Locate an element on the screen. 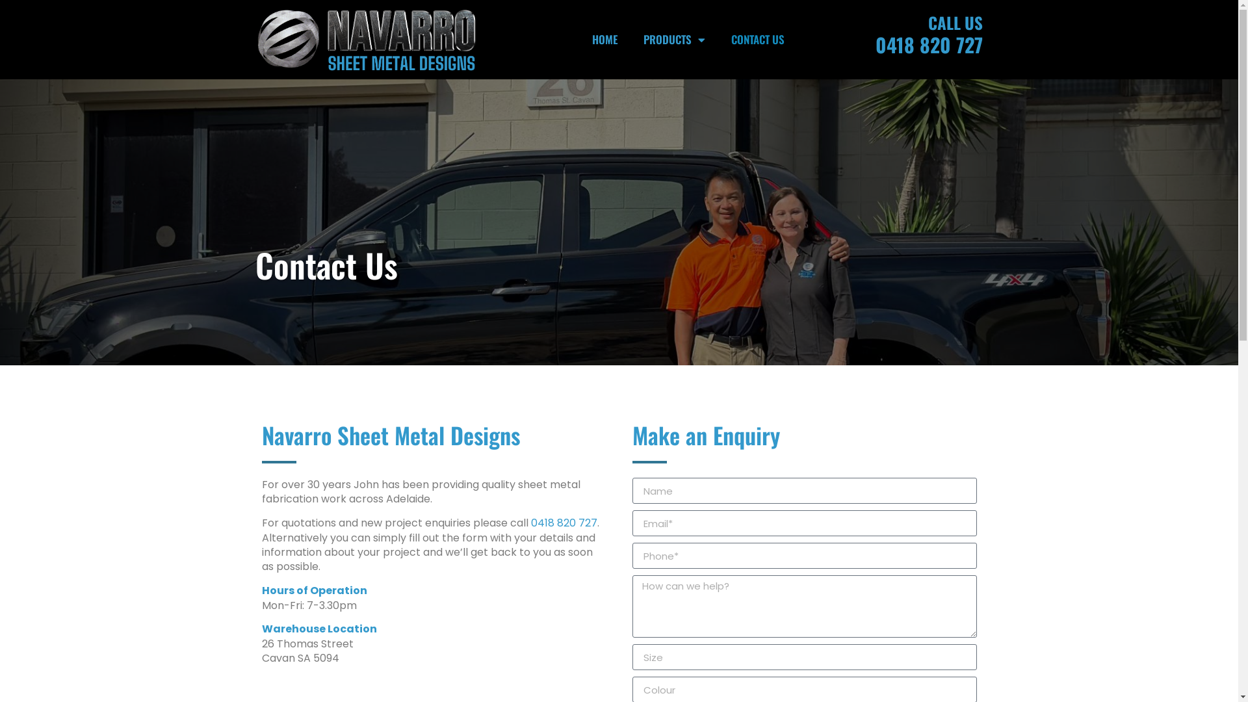 The width and height of the screenshot is (1248, 702). '0418 820 727' is located at coordinates (928, 44).